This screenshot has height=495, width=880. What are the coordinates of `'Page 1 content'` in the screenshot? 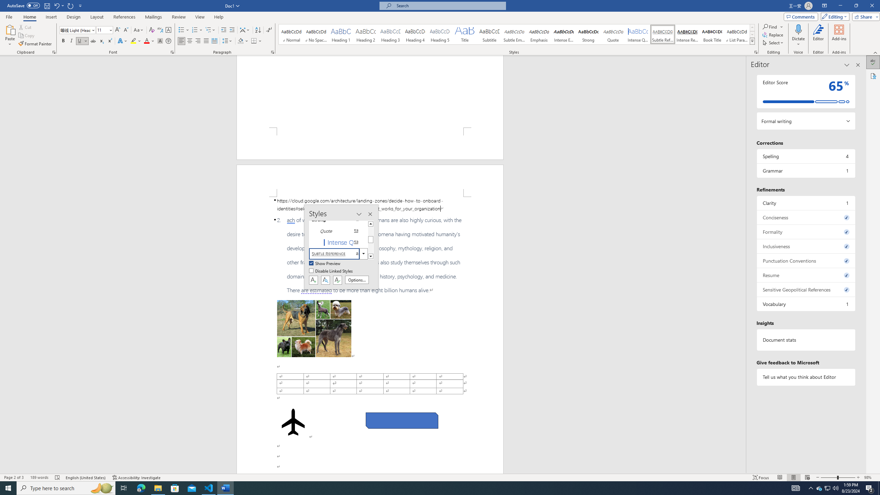 It's located at (370, 91).